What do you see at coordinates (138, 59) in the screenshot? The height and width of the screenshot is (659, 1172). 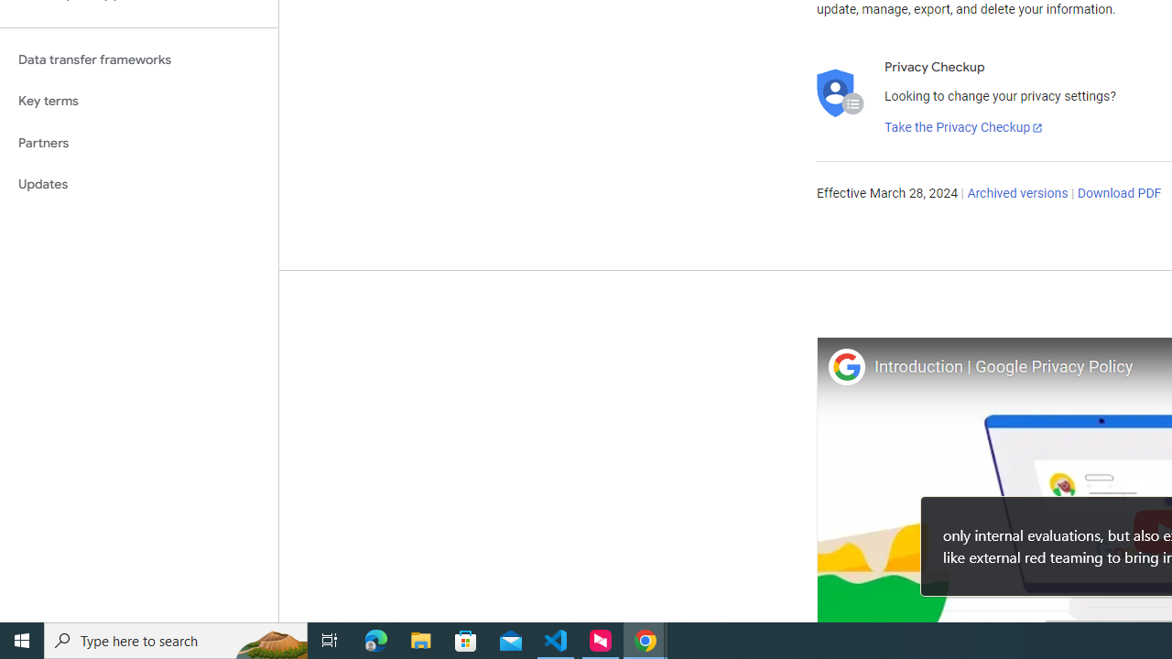 I see `'Data transfer frameworks'` at bounding box center [138, 59].